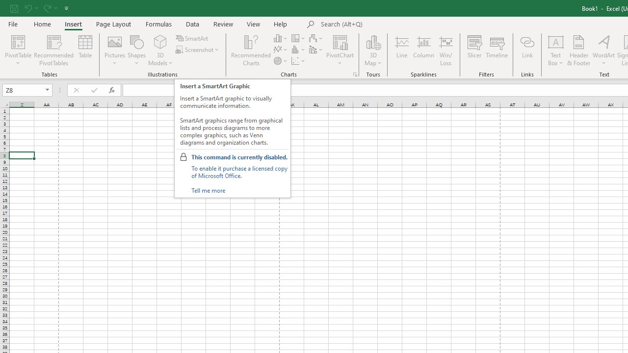  Describe the element at coordinates (5, 5) in the screenshot. I see `'System'` at that location.